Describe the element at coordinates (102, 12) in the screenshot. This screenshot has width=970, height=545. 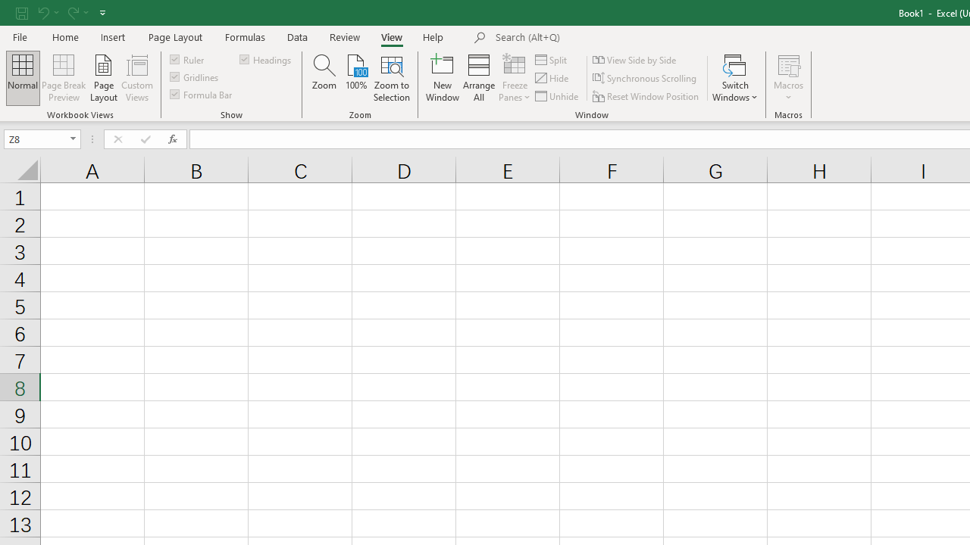
I see `'Customize Quick Access Toolbar'` at that location.